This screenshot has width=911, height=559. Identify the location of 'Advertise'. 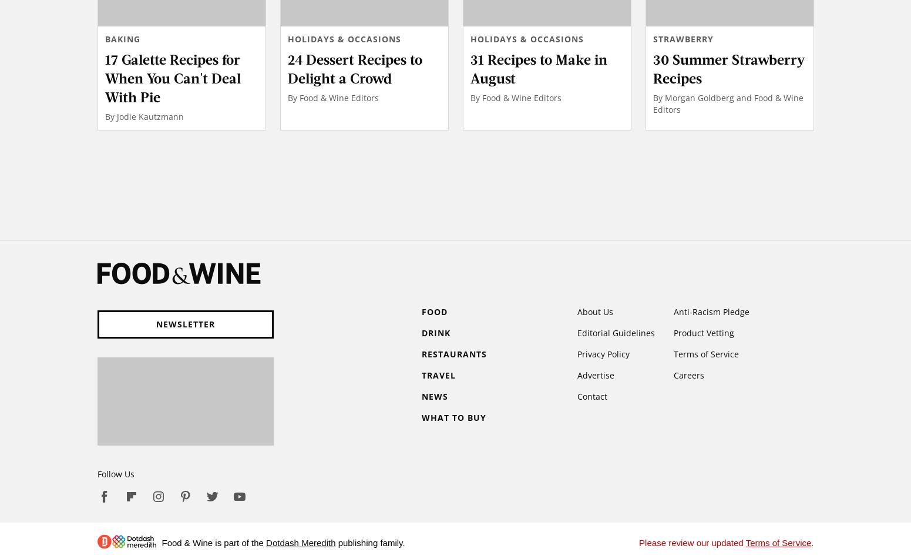
(595, 374).